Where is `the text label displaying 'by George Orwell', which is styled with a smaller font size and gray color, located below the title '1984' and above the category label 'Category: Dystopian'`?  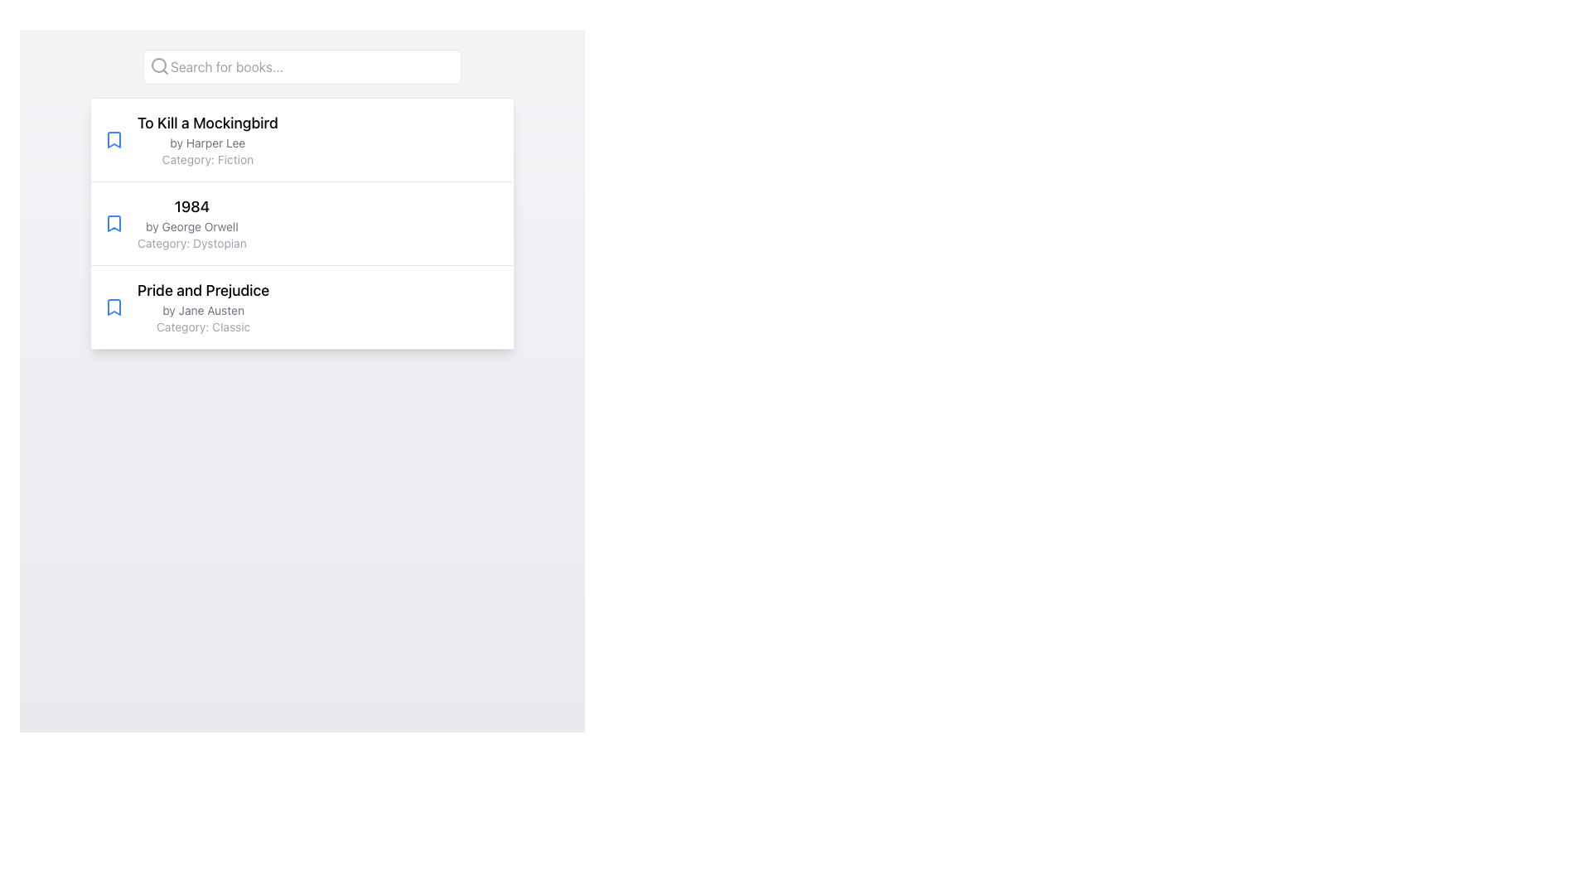
the text label displaying 'by George Orwell', which is styled with a smaller font size and gray color, located below the title '1984' and above the category label 'Category: Dystopian' is located at coordinates (191, 226).